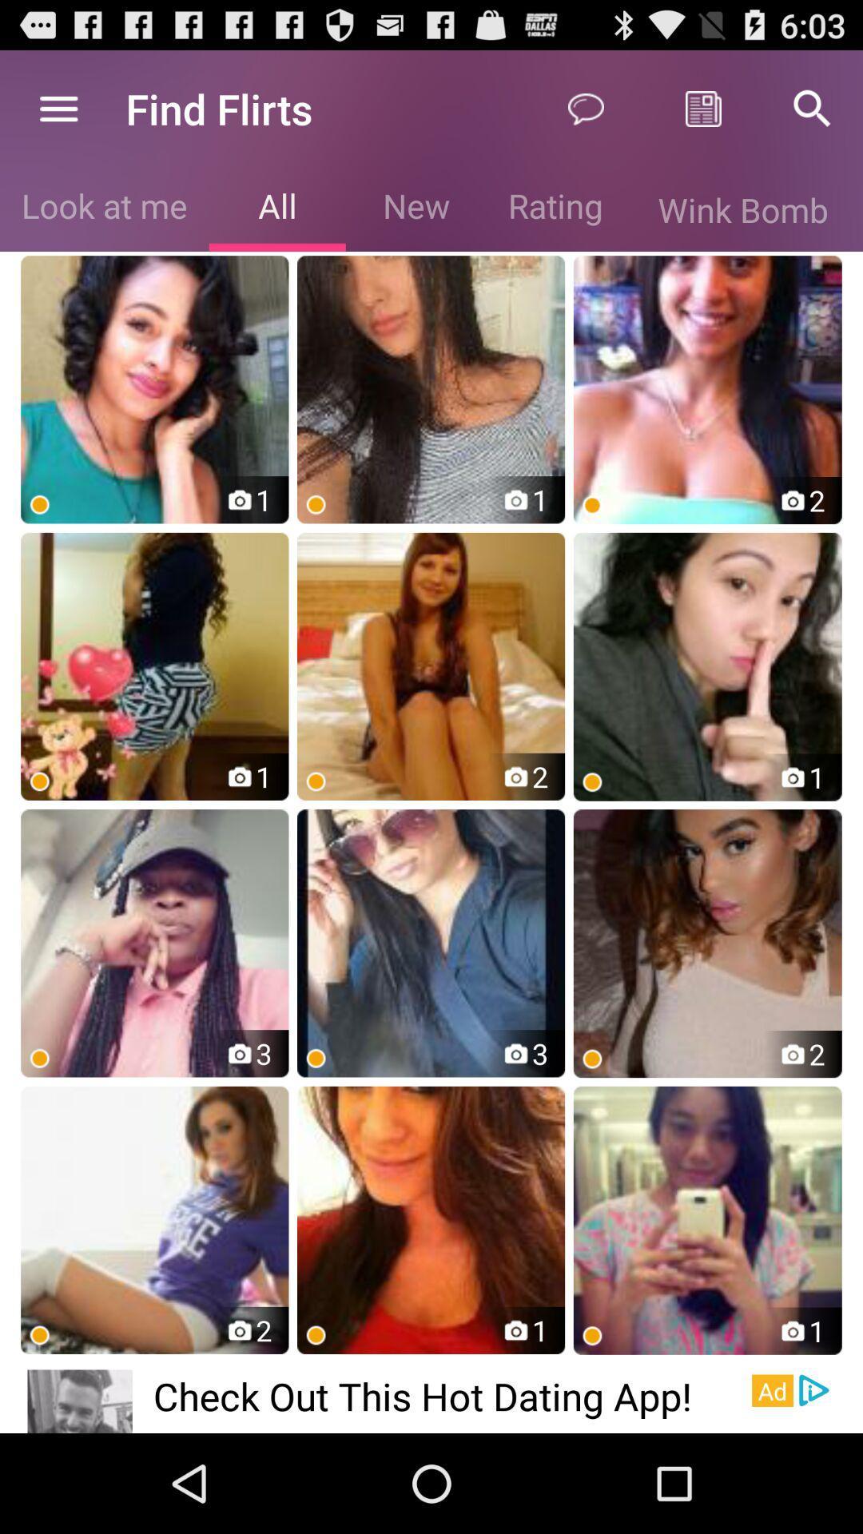  I want to click on the 2 nd image in the 4th row, so click(430, 1219).